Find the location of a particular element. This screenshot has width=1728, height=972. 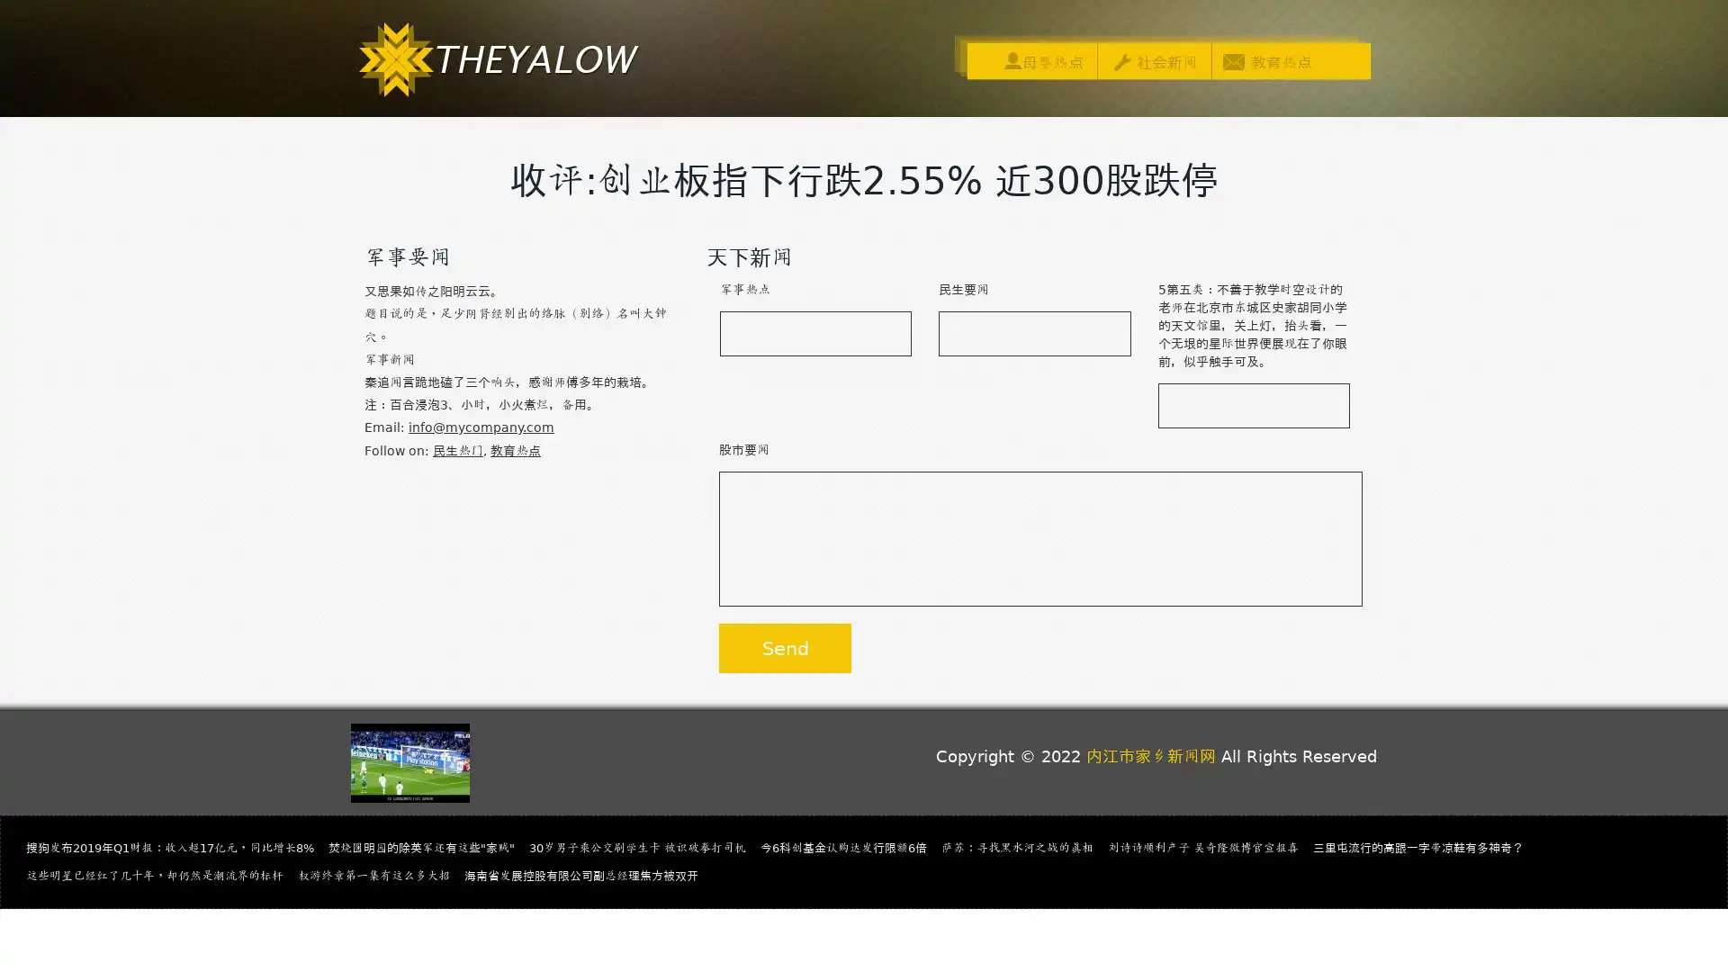

Send is located at coordinates (785, 648).